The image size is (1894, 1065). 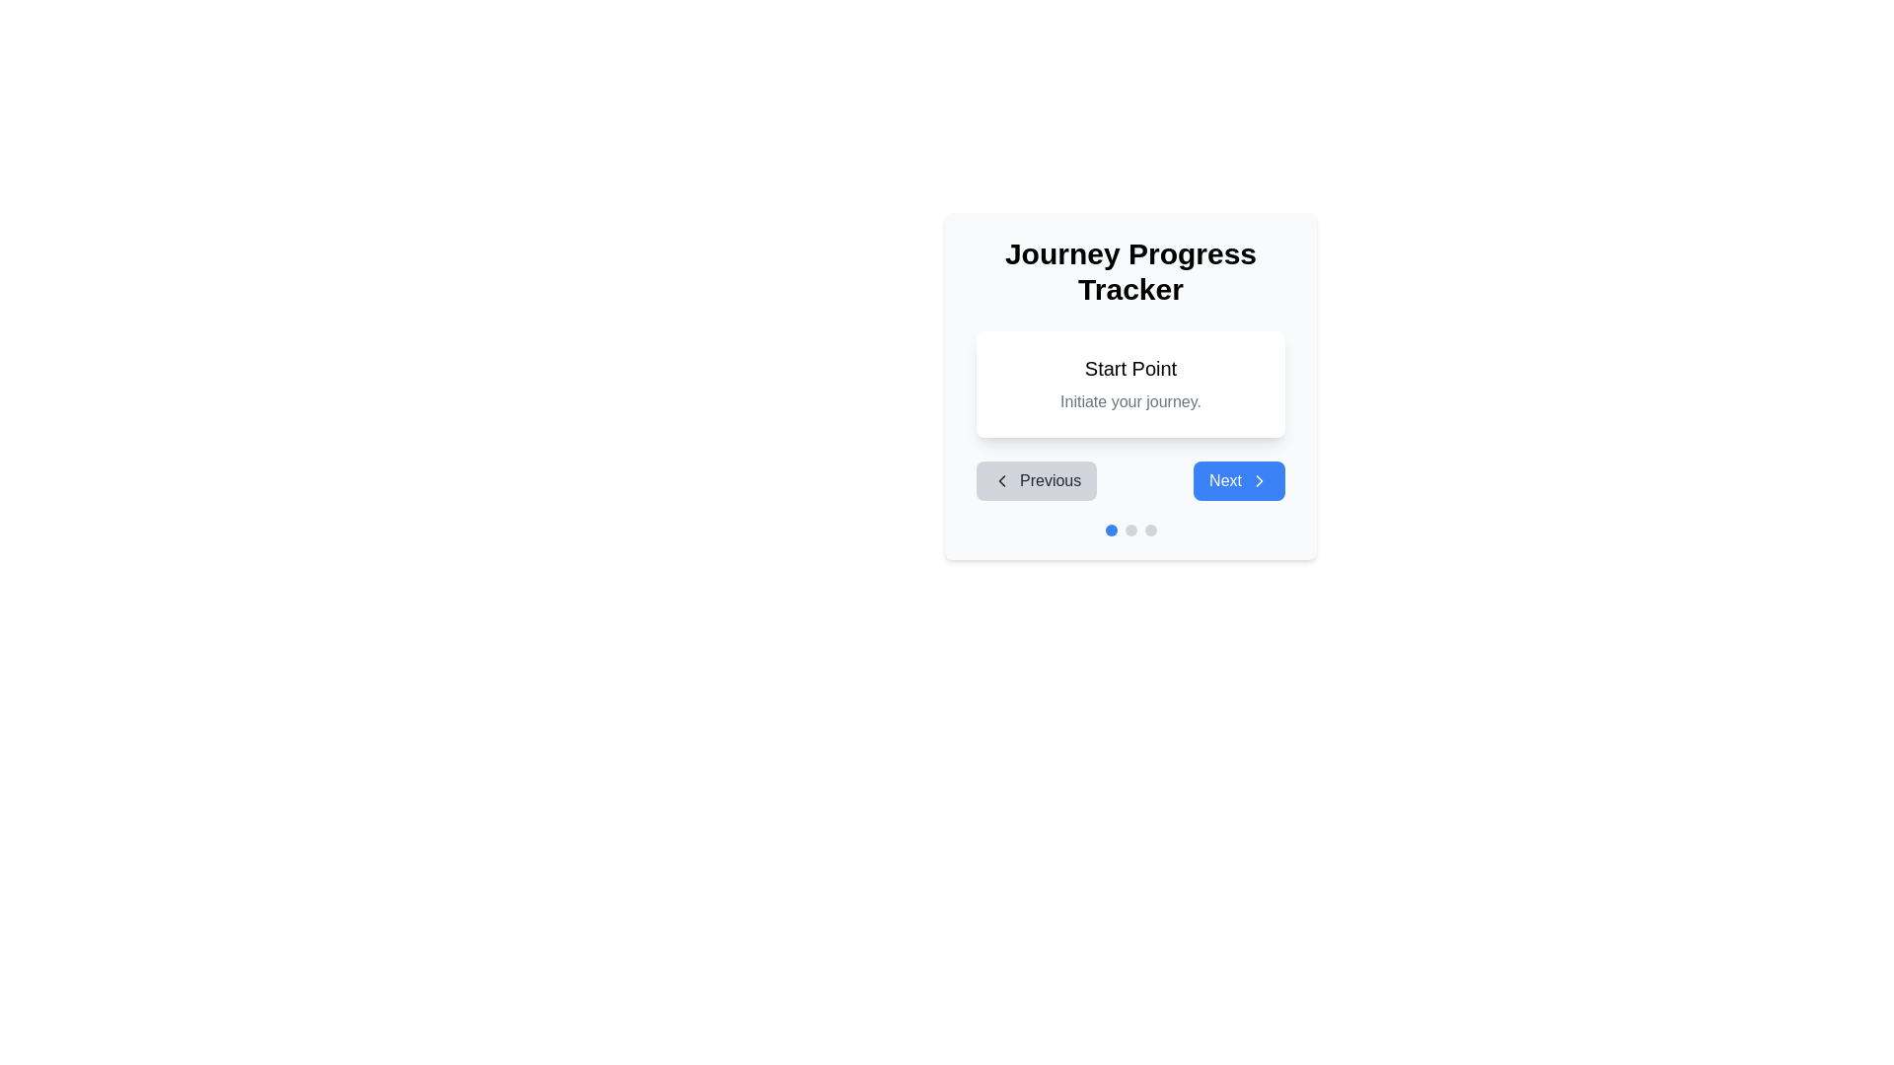 I want to click on the second gray circular progress indicator in the inactive state, located centrally below the 'Previous' and 'Next' buttons, so click(x=1130, y=529).